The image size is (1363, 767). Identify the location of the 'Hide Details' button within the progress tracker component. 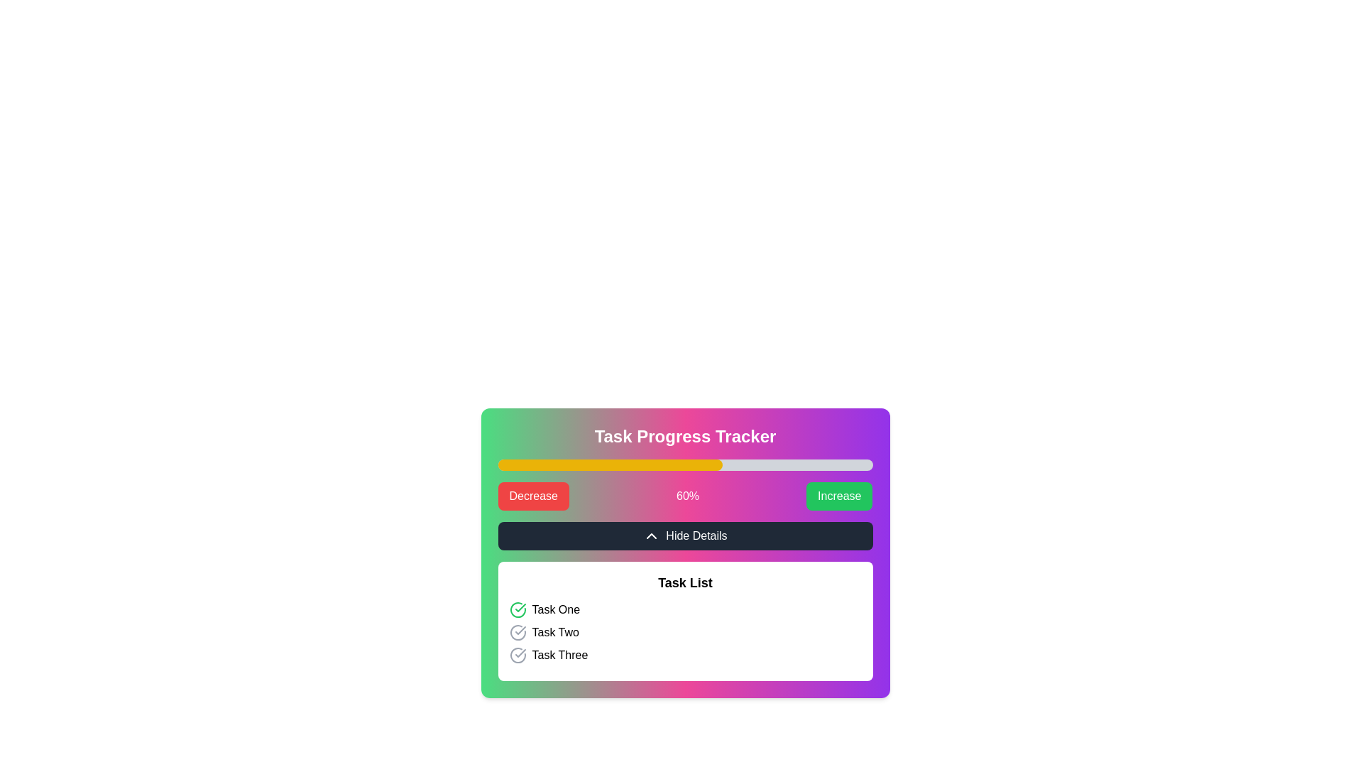
(685, 553).